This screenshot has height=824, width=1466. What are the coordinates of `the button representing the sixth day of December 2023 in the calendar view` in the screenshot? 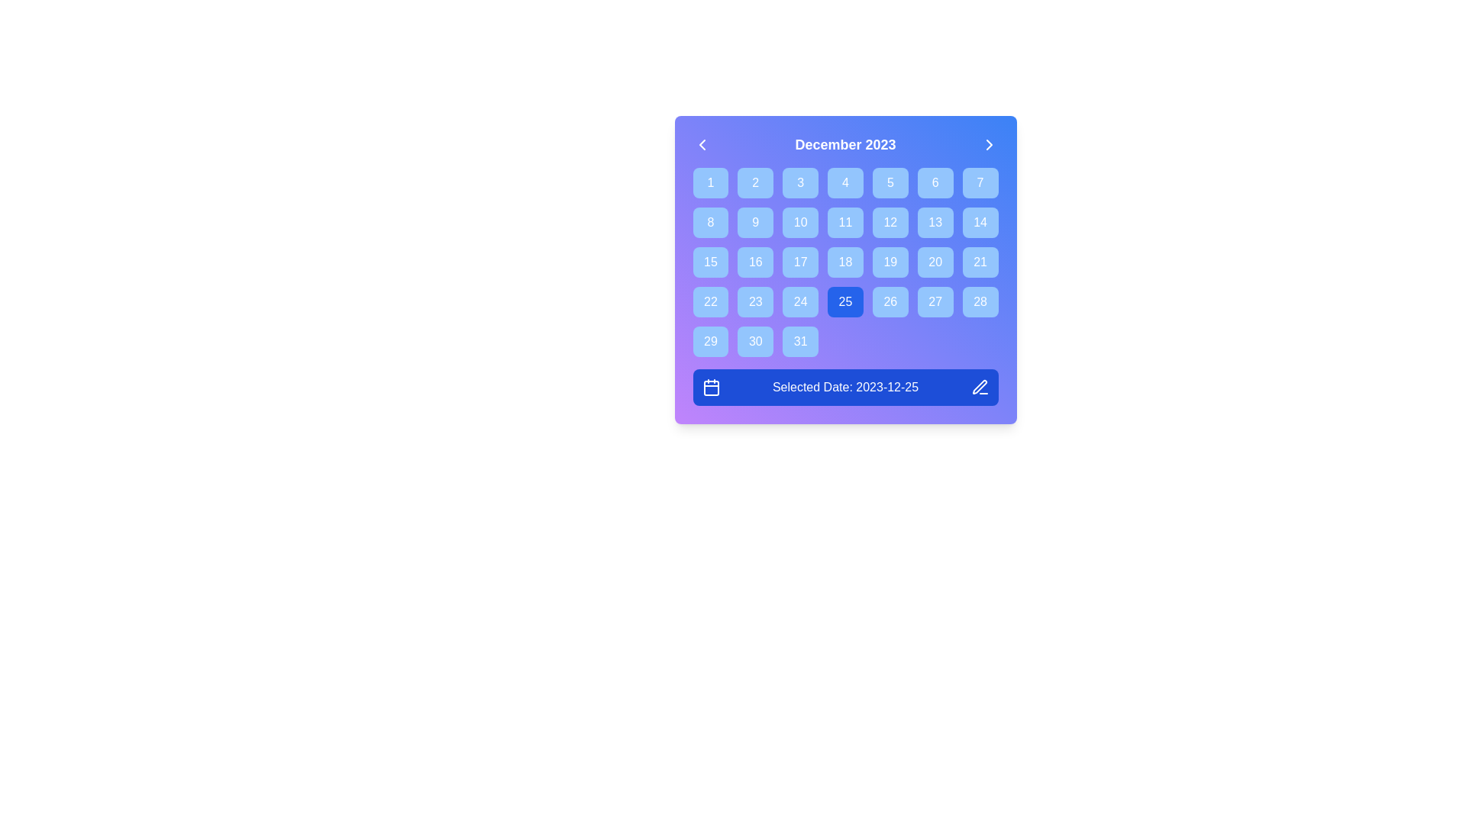 It's located at (935, 182).